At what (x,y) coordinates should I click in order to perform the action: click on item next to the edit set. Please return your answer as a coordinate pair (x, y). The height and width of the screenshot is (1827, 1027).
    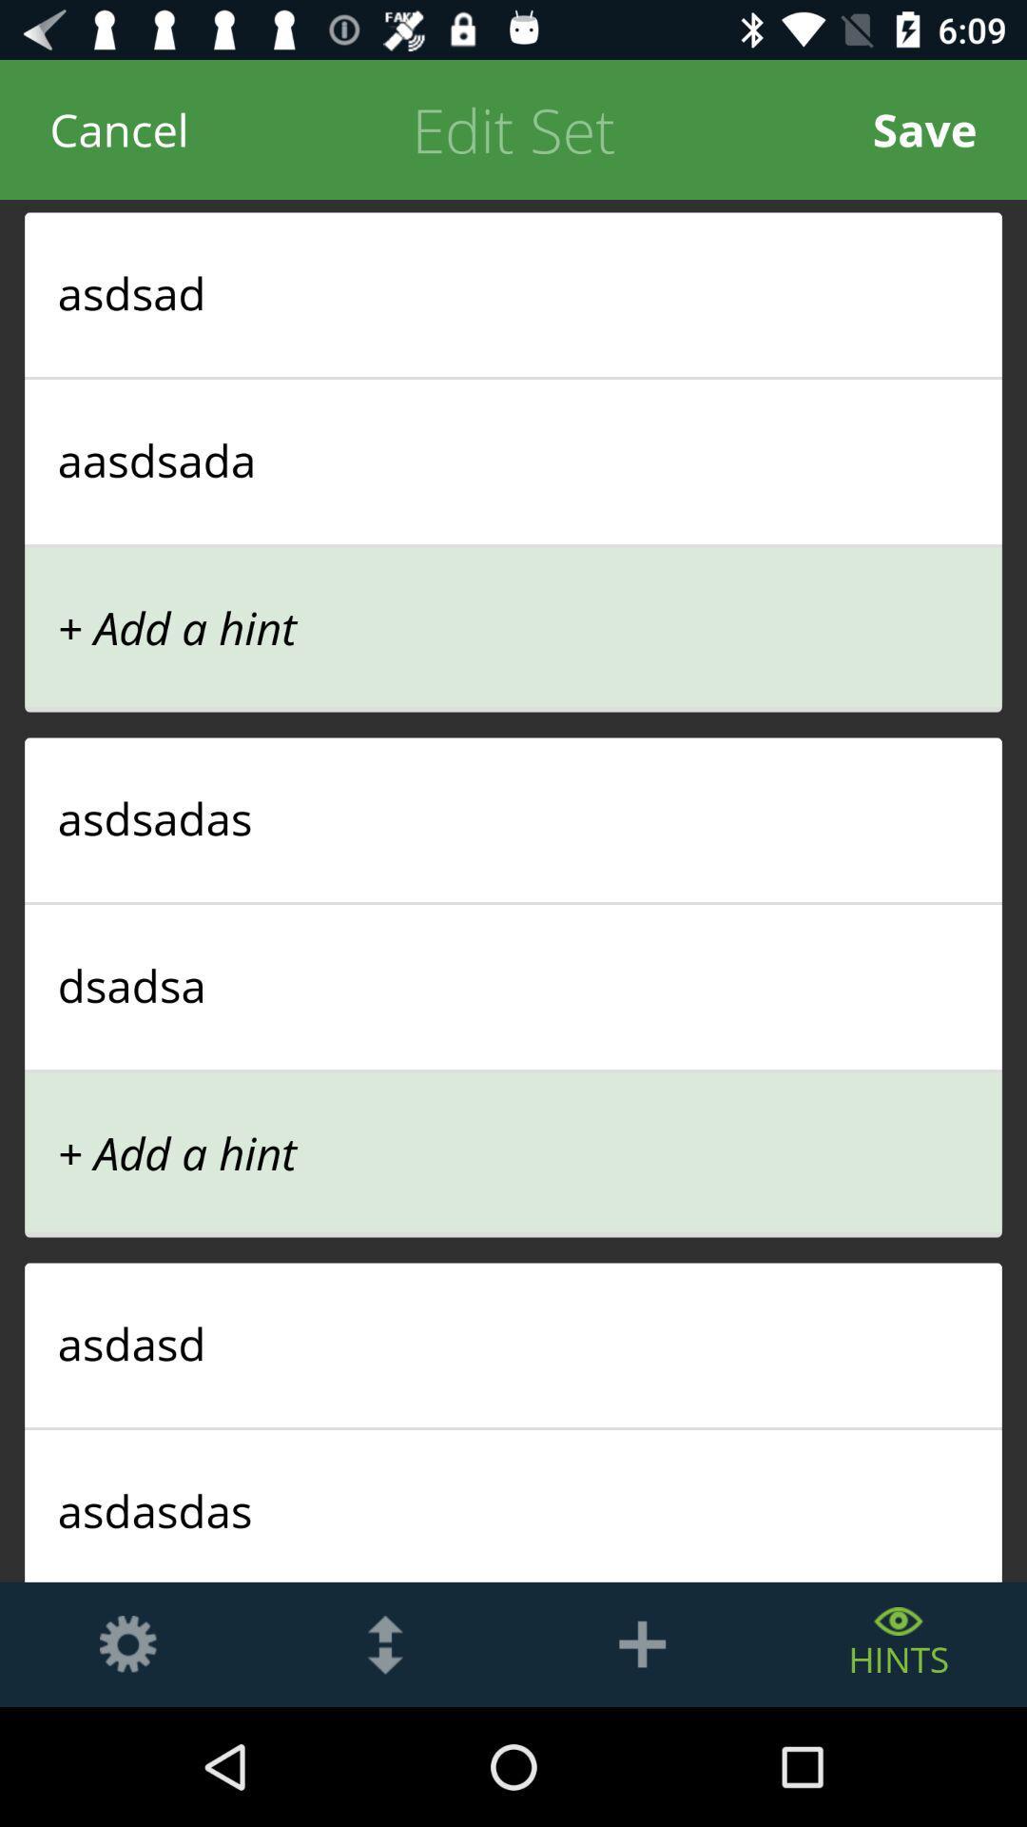
    Looking at the image, I should click on (119, 128).